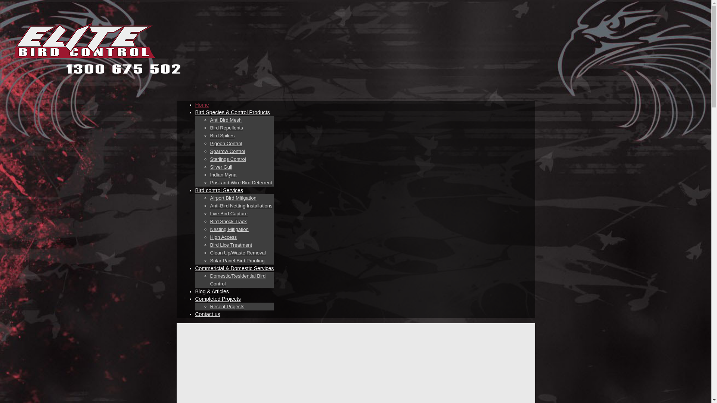  Describe the element at coordinates (237, 253) in the screenshot. I see `'Clean Up/Waste Removal'` at that location.